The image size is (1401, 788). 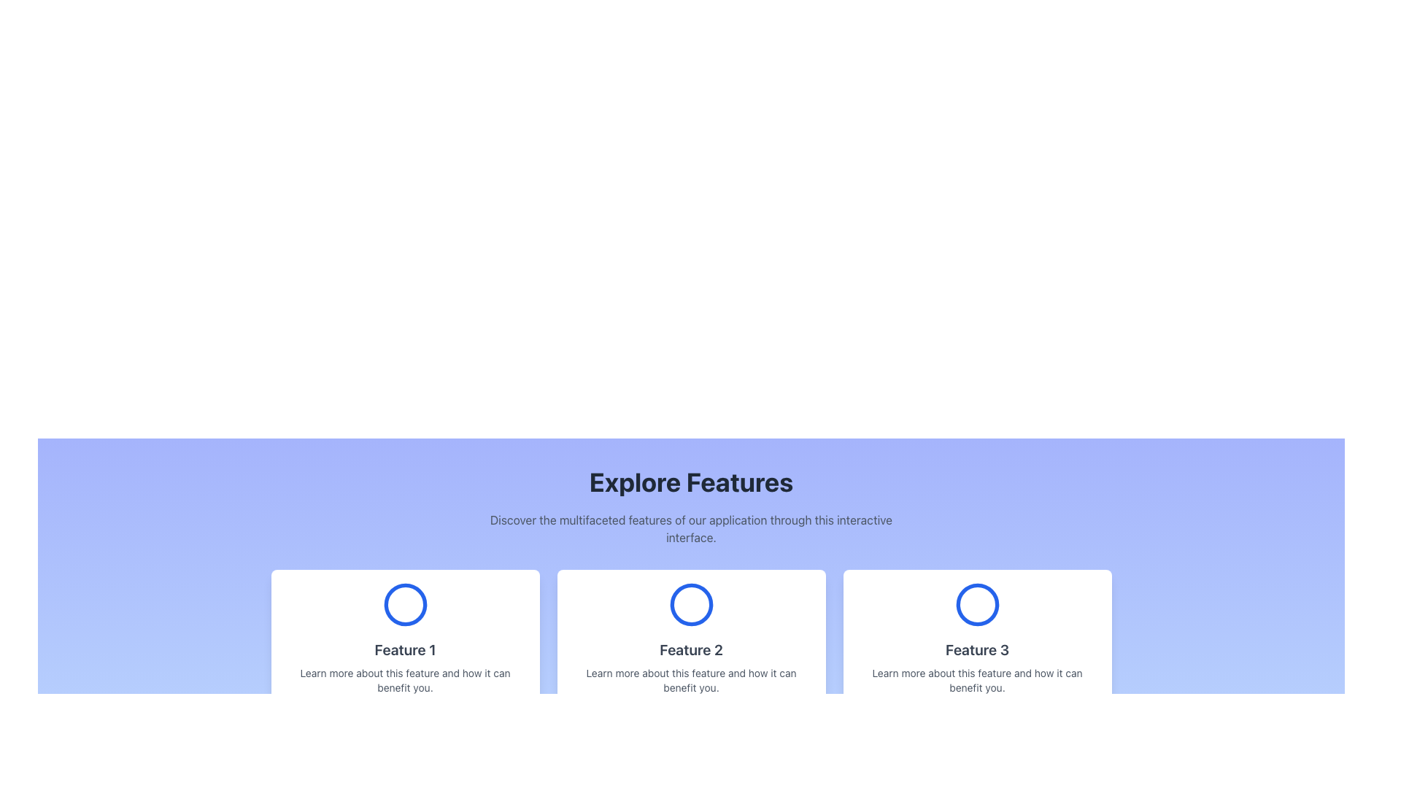 What do you see at coordinates (405, 681) in the screenshot?
I see `informational message located in the bottom section of the card representing 'Feature 1', positioned beneath the headline 'Feature 1' and above the 'View Details' link` at bounding box center [405, 681].